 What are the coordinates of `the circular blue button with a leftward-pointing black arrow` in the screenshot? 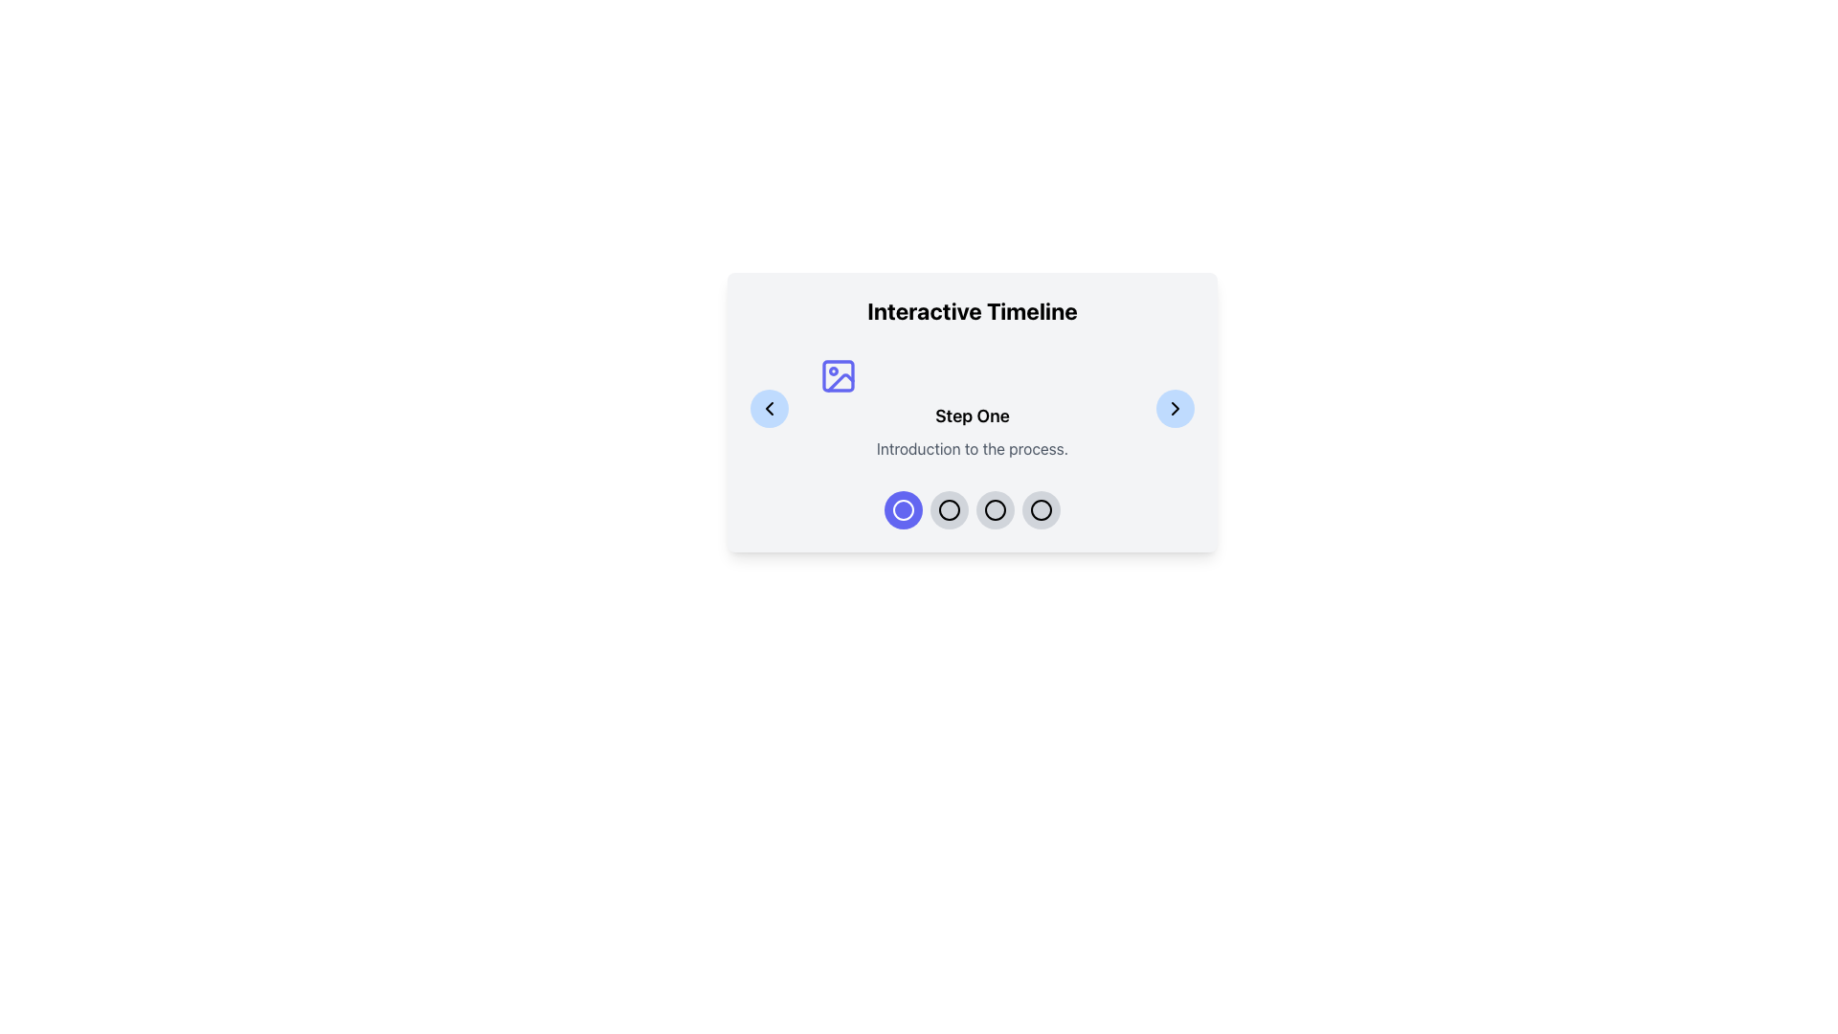 It's located at (770, 408).